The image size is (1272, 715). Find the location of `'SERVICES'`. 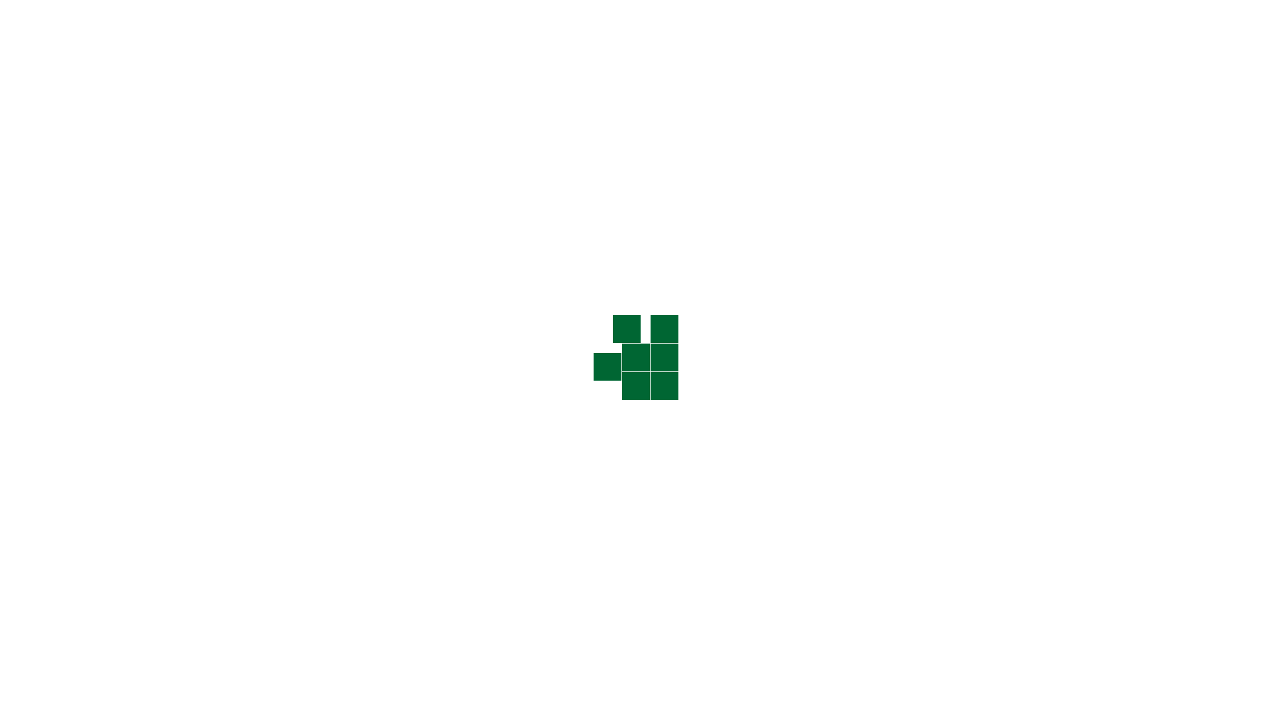

'SERVICES' is located at coordinates (604, 56).